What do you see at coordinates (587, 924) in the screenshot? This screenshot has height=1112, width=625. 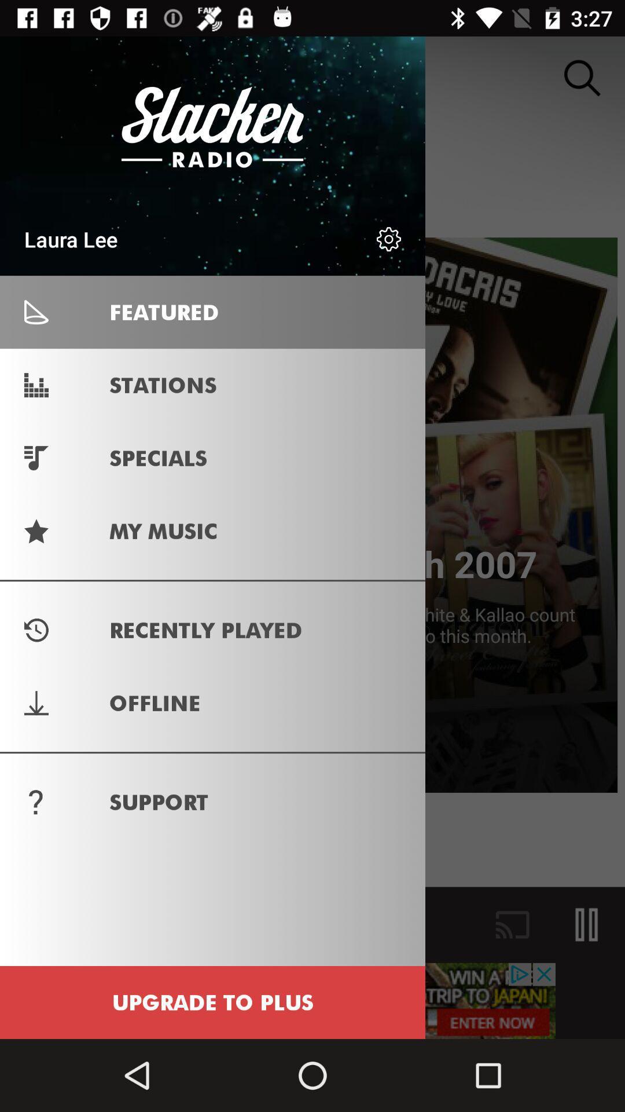 I see `the pause icon` at bounding box center [587, 924].